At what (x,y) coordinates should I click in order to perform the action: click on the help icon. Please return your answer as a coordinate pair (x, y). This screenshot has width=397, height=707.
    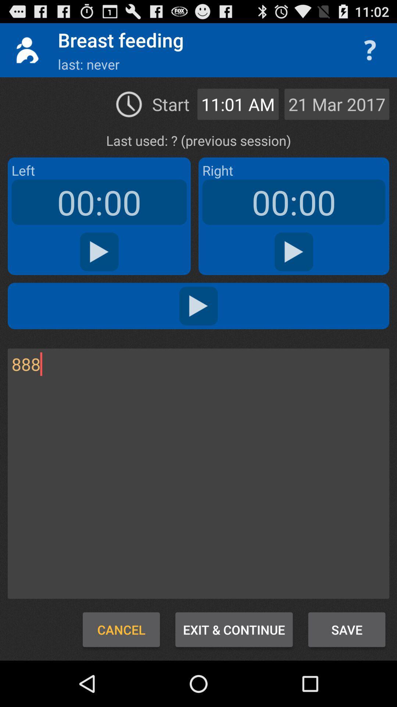
    Looking at the image, I should click on (370, 53).